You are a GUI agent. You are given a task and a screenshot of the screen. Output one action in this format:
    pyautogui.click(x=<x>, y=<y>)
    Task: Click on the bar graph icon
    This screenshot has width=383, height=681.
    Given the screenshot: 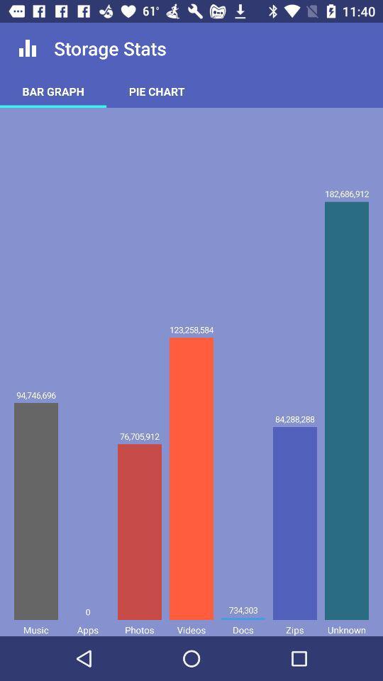 What is the action you would take?
    pyautogui.click(x=52, y=90)
    